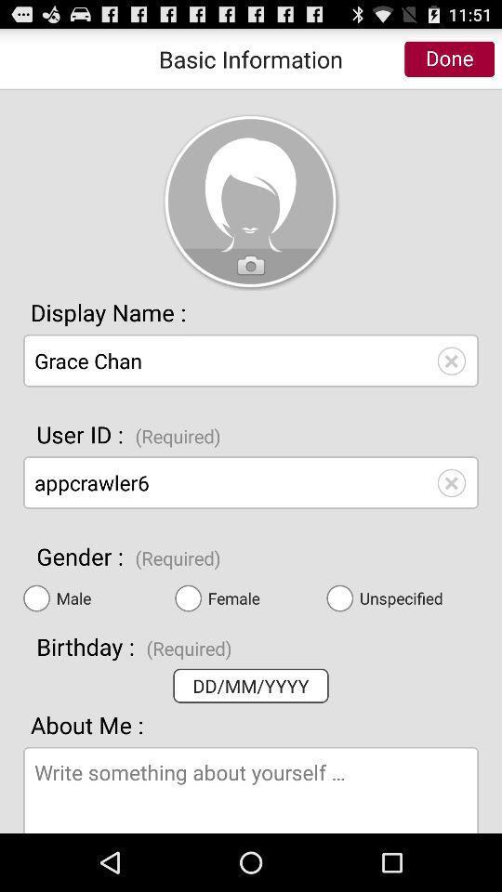 This screenshot has width=502, height=892. I want to click on the close icon, so click(451, 386).